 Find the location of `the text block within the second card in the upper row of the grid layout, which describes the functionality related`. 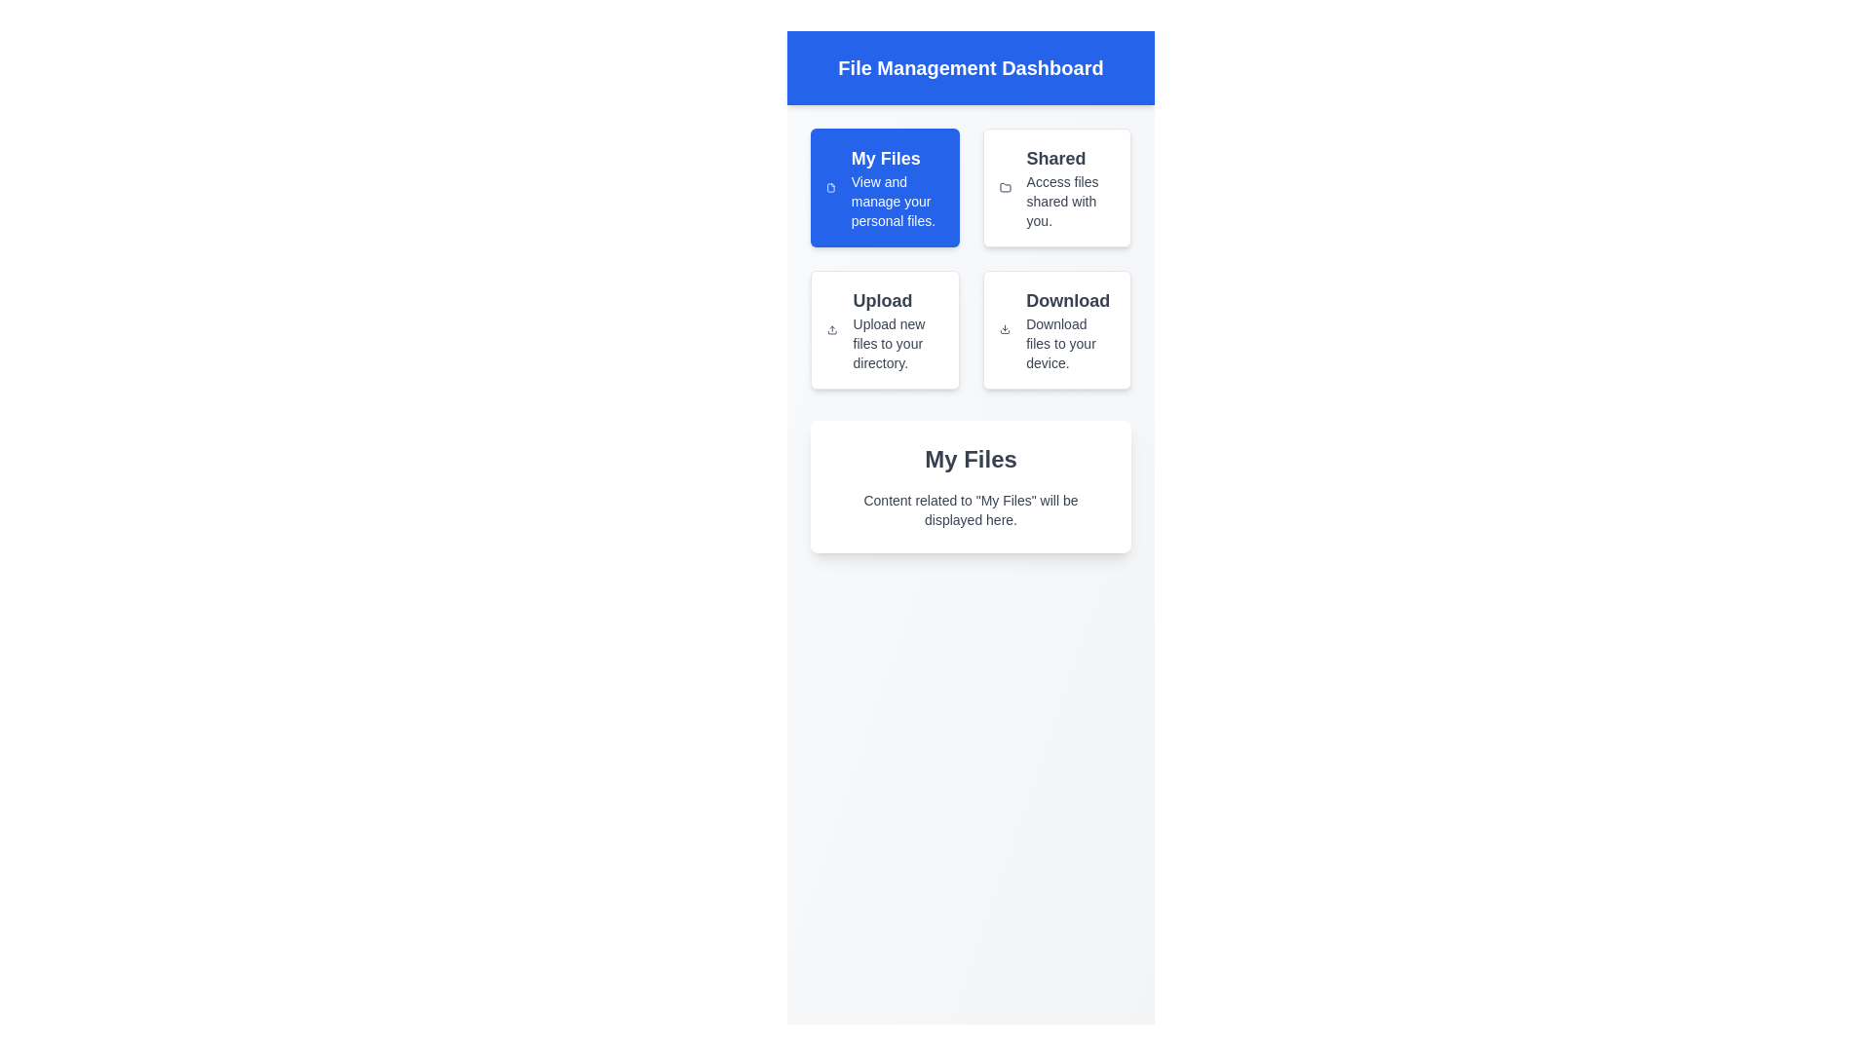

the text block within the second card in the upper row of the grid layout, which describes the functionality related is located at coordinates (1069, 187).